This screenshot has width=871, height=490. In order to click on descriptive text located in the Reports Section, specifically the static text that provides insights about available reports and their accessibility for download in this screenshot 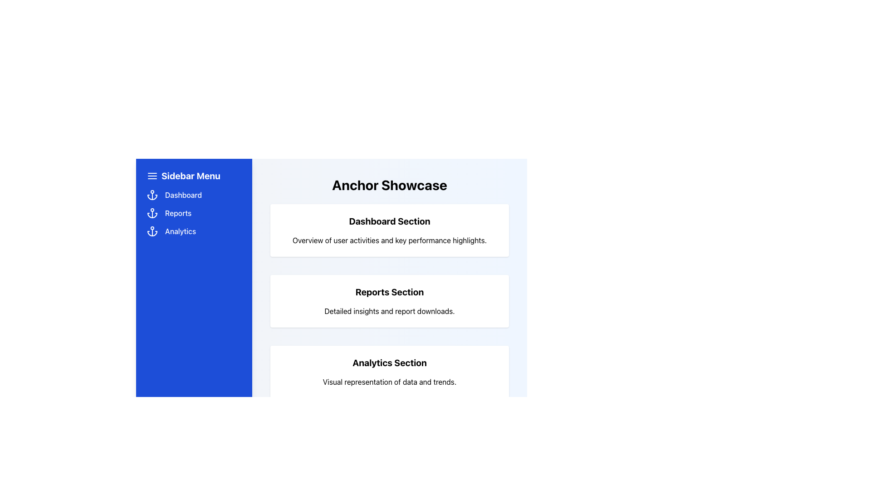, I will do `click(390, 311)`.